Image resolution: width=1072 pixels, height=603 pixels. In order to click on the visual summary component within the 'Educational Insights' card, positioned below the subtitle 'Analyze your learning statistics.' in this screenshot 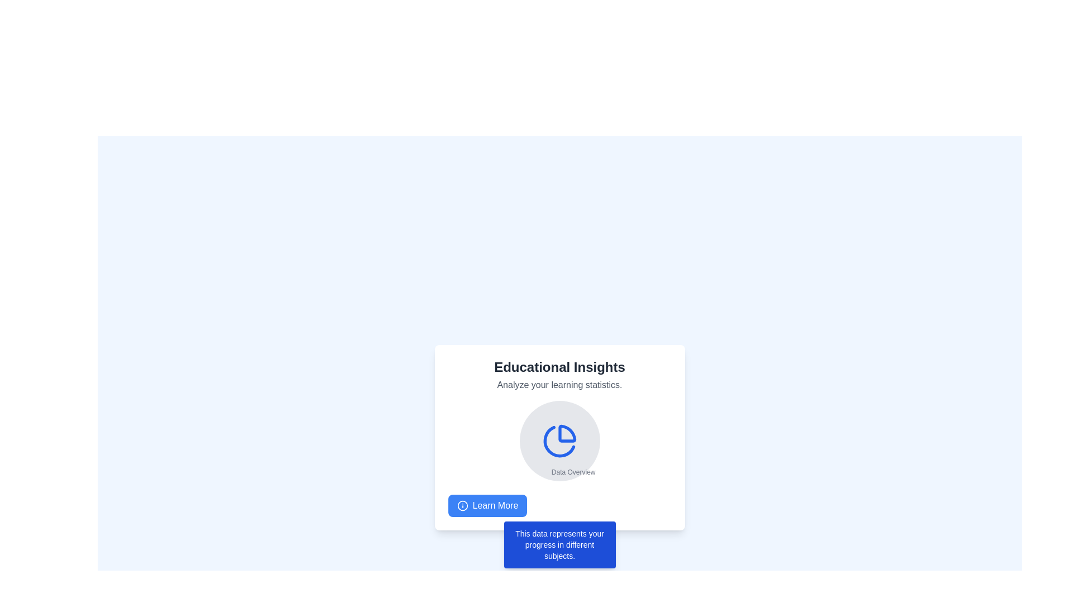, I will do `click(559, 441)`.